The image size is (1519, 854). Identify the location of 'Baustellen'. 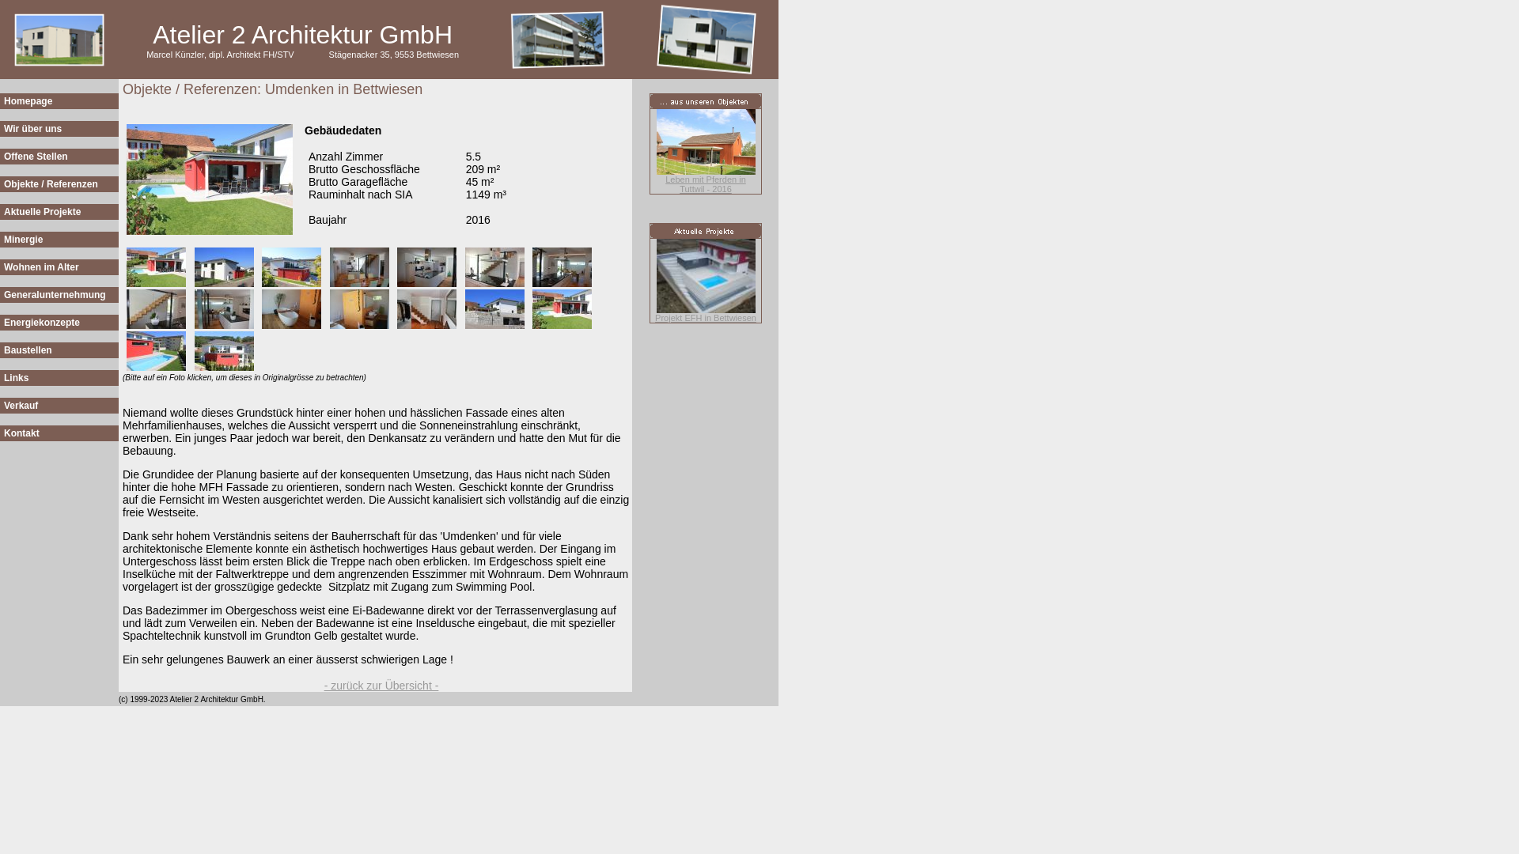
(28, 350).